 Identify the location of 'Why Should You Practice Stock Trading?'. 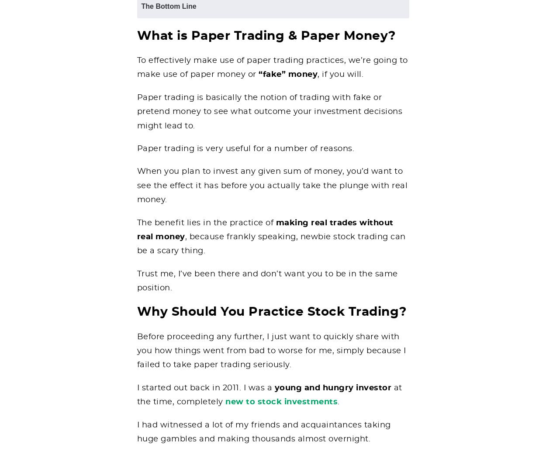
(271, 312).